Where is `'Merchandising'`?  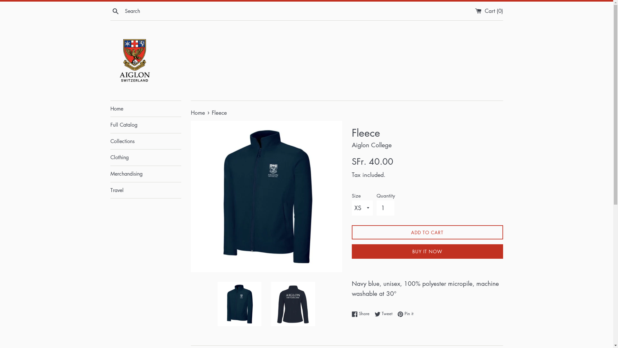
'Merchandising' is located at coordinates (110, 174).